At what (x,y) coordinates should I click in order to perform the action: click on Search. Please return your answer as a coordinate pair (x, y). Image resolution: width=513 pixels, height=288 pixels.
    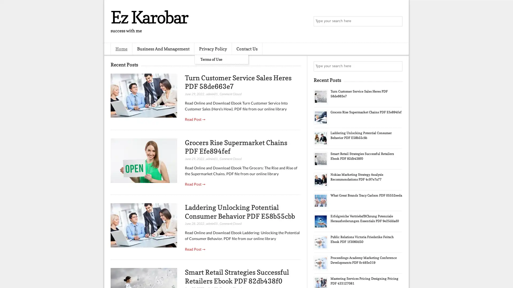
    Looking at the image, I should click on (397, 21).